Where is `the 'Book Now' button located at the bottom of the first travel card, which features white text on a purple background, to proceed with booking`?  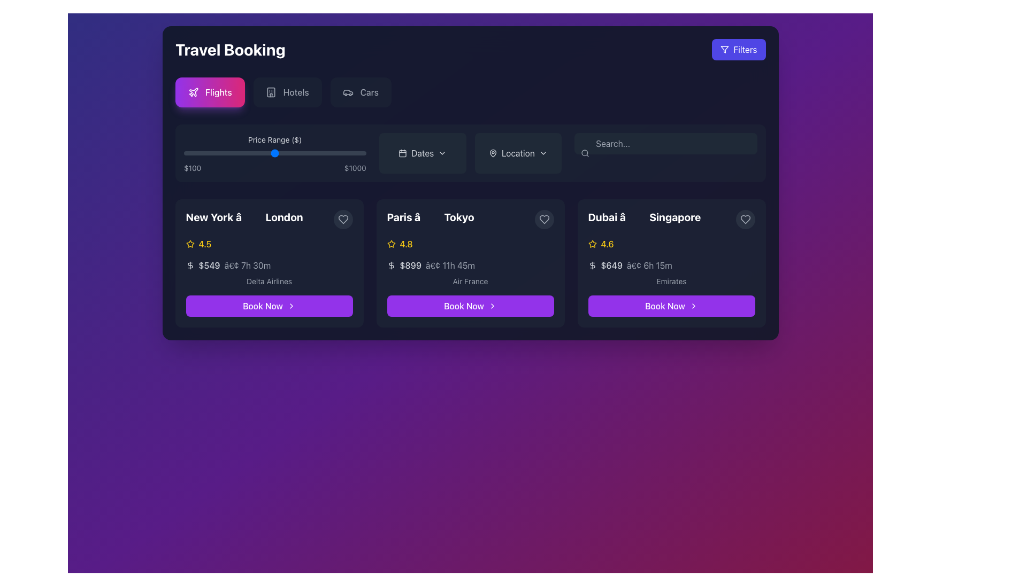 the 'Book Now' button located at the bottom of the first travel card, which features white text on a purple background, to proceed with booking is located at coordinates (263, 306).